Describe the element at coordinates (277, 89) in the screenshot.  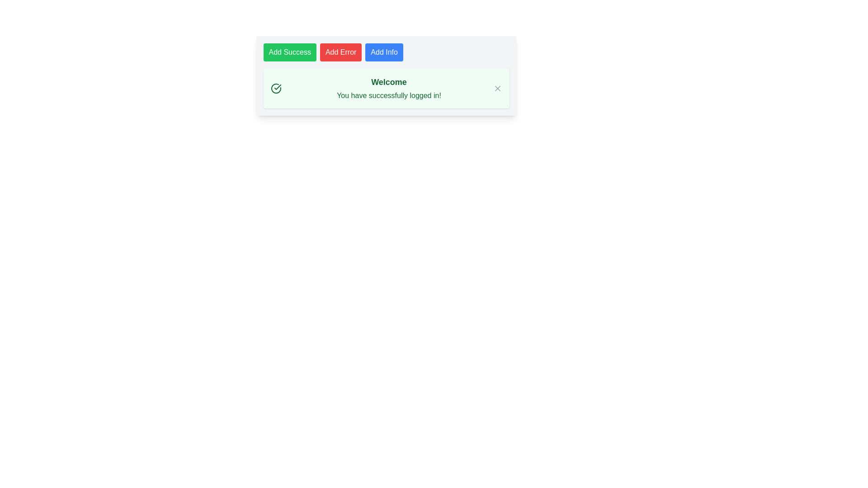
I see `the green checkmark icon within the success notification message, located adjacent to the bold text 'Welcome'` at that location.